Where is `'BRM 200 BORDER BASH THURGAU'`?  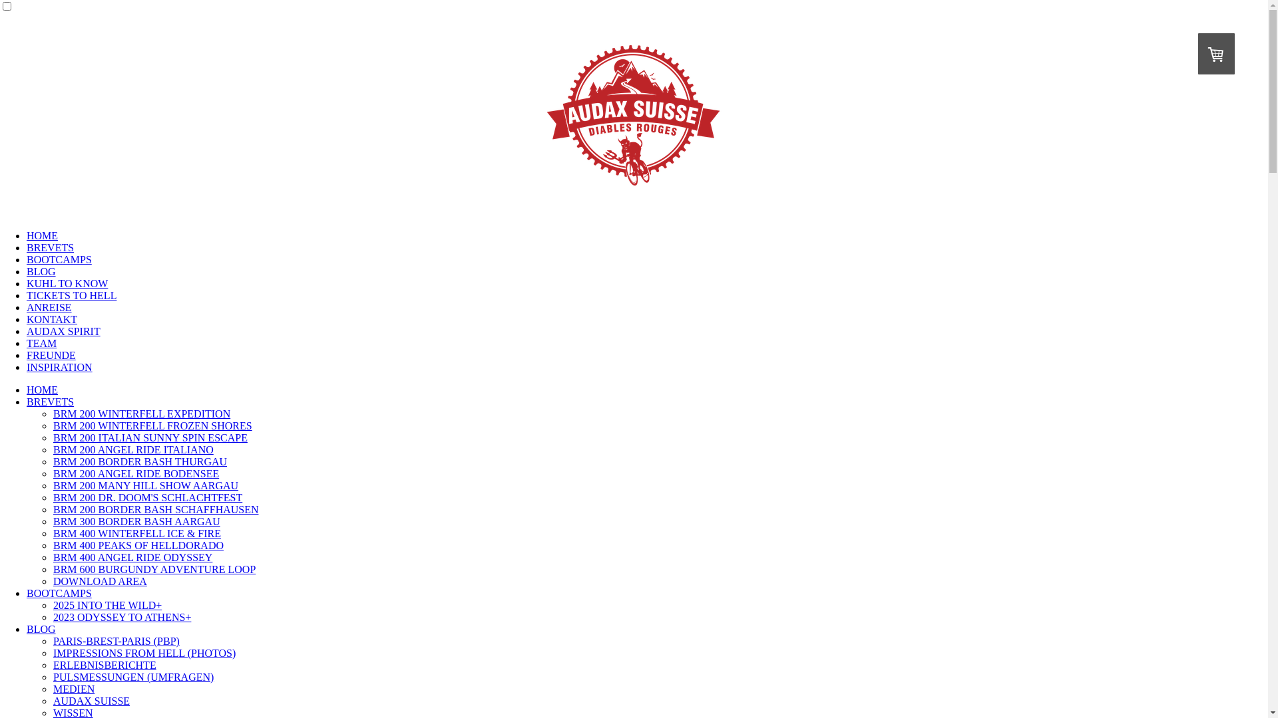 'BRM 200 BORDER BASH THURGAU' is located at coordinates (140, 461).